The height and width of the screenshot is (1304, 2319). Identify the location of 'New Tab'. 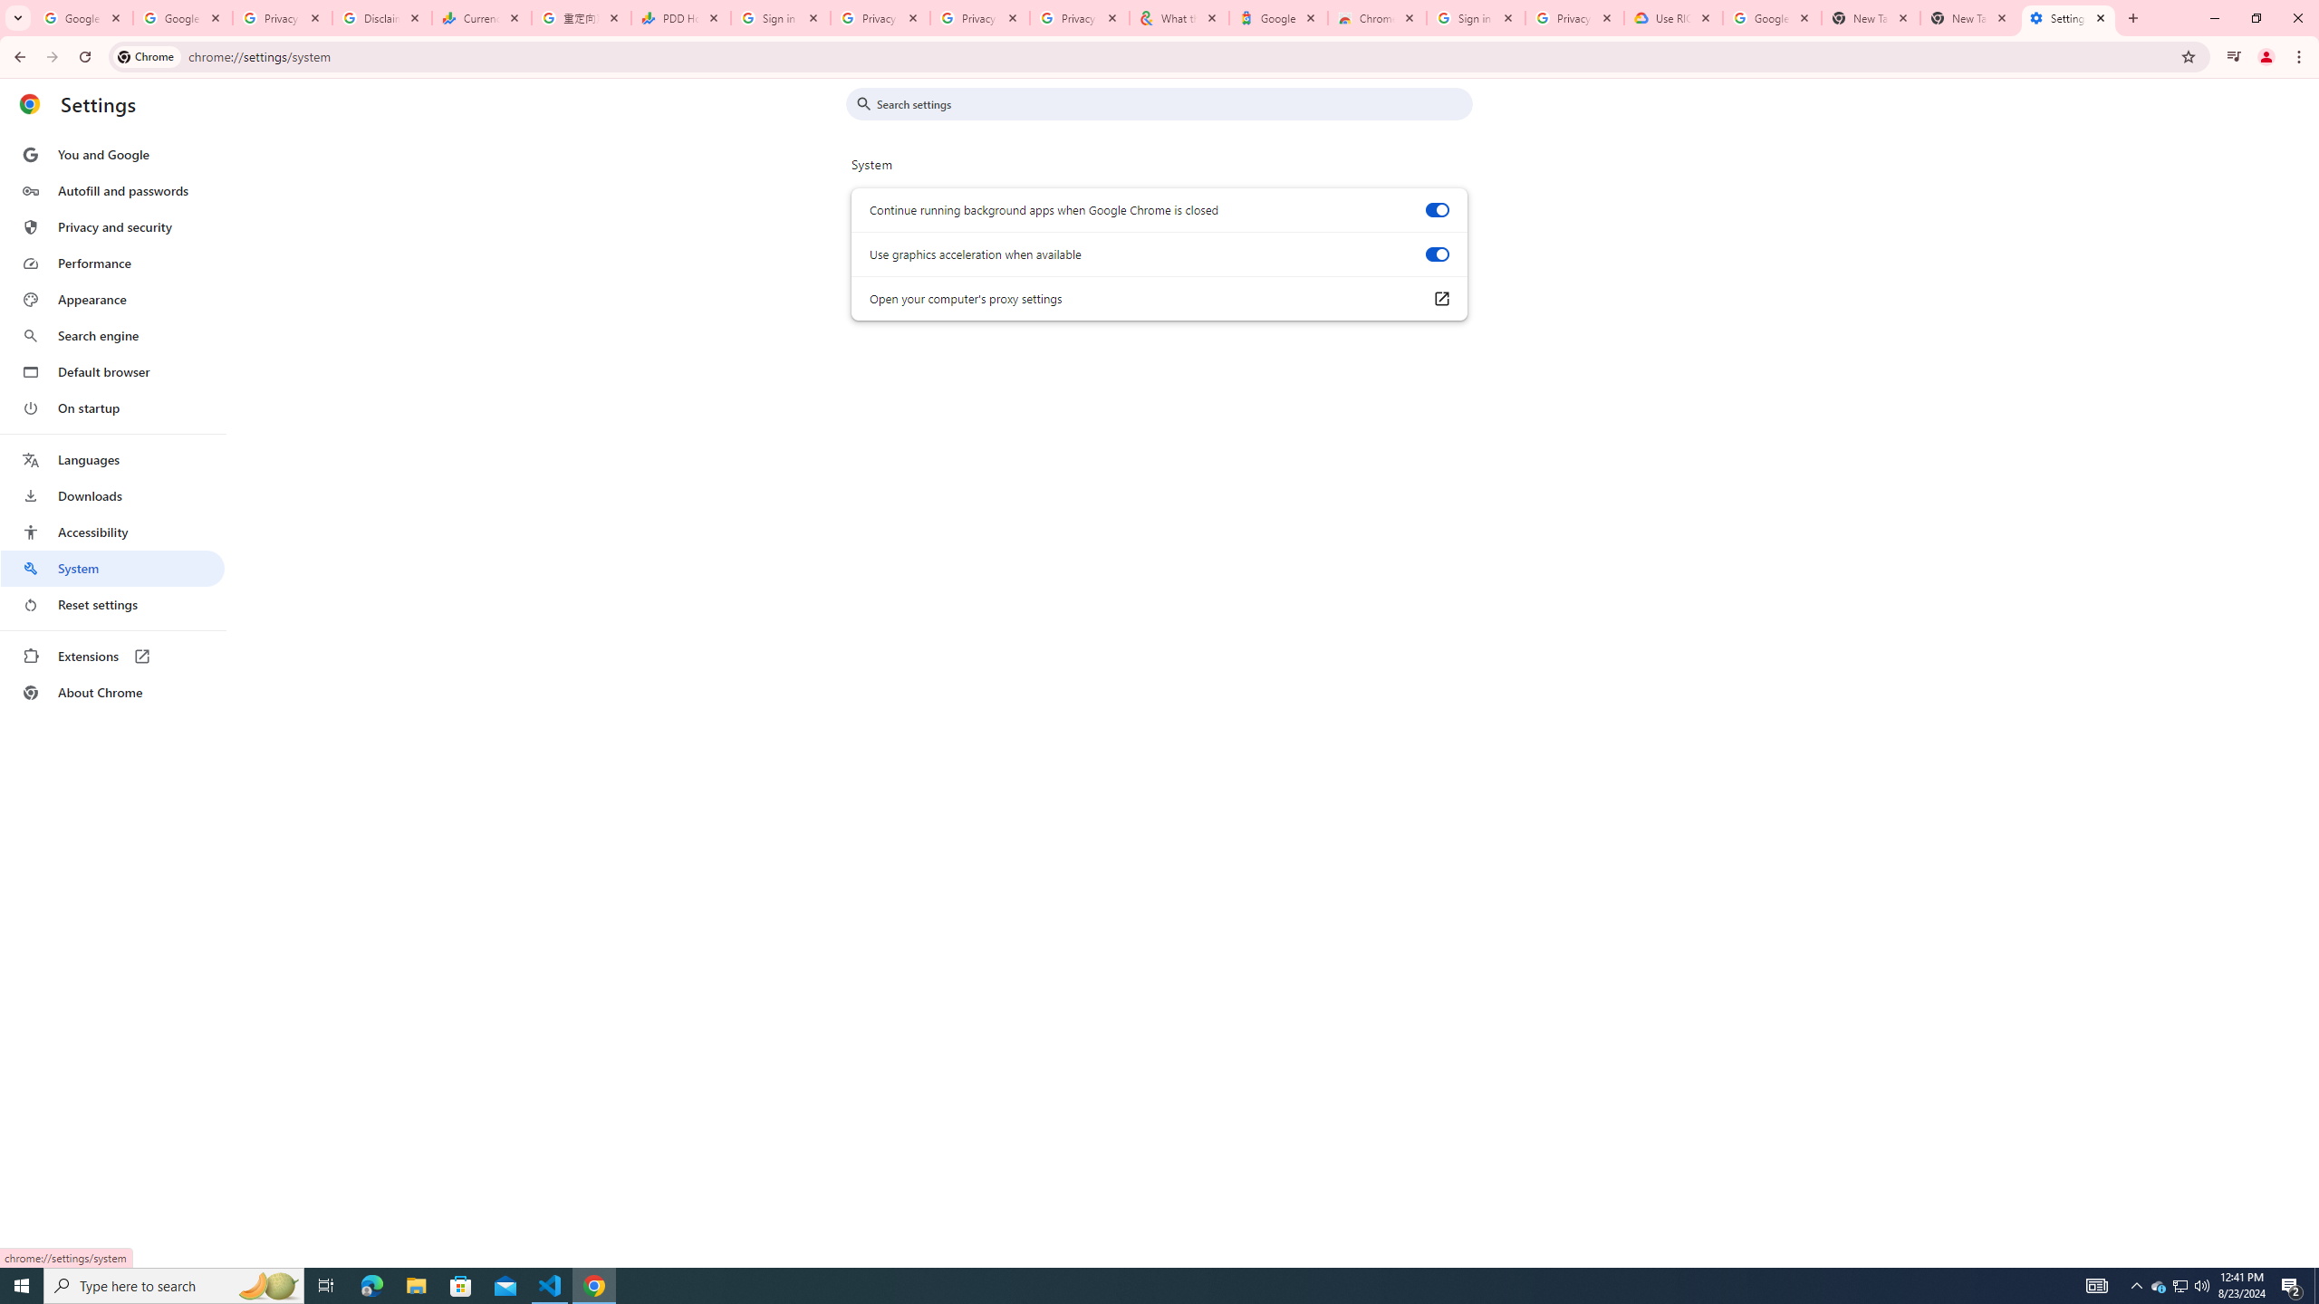
(1968, 17).